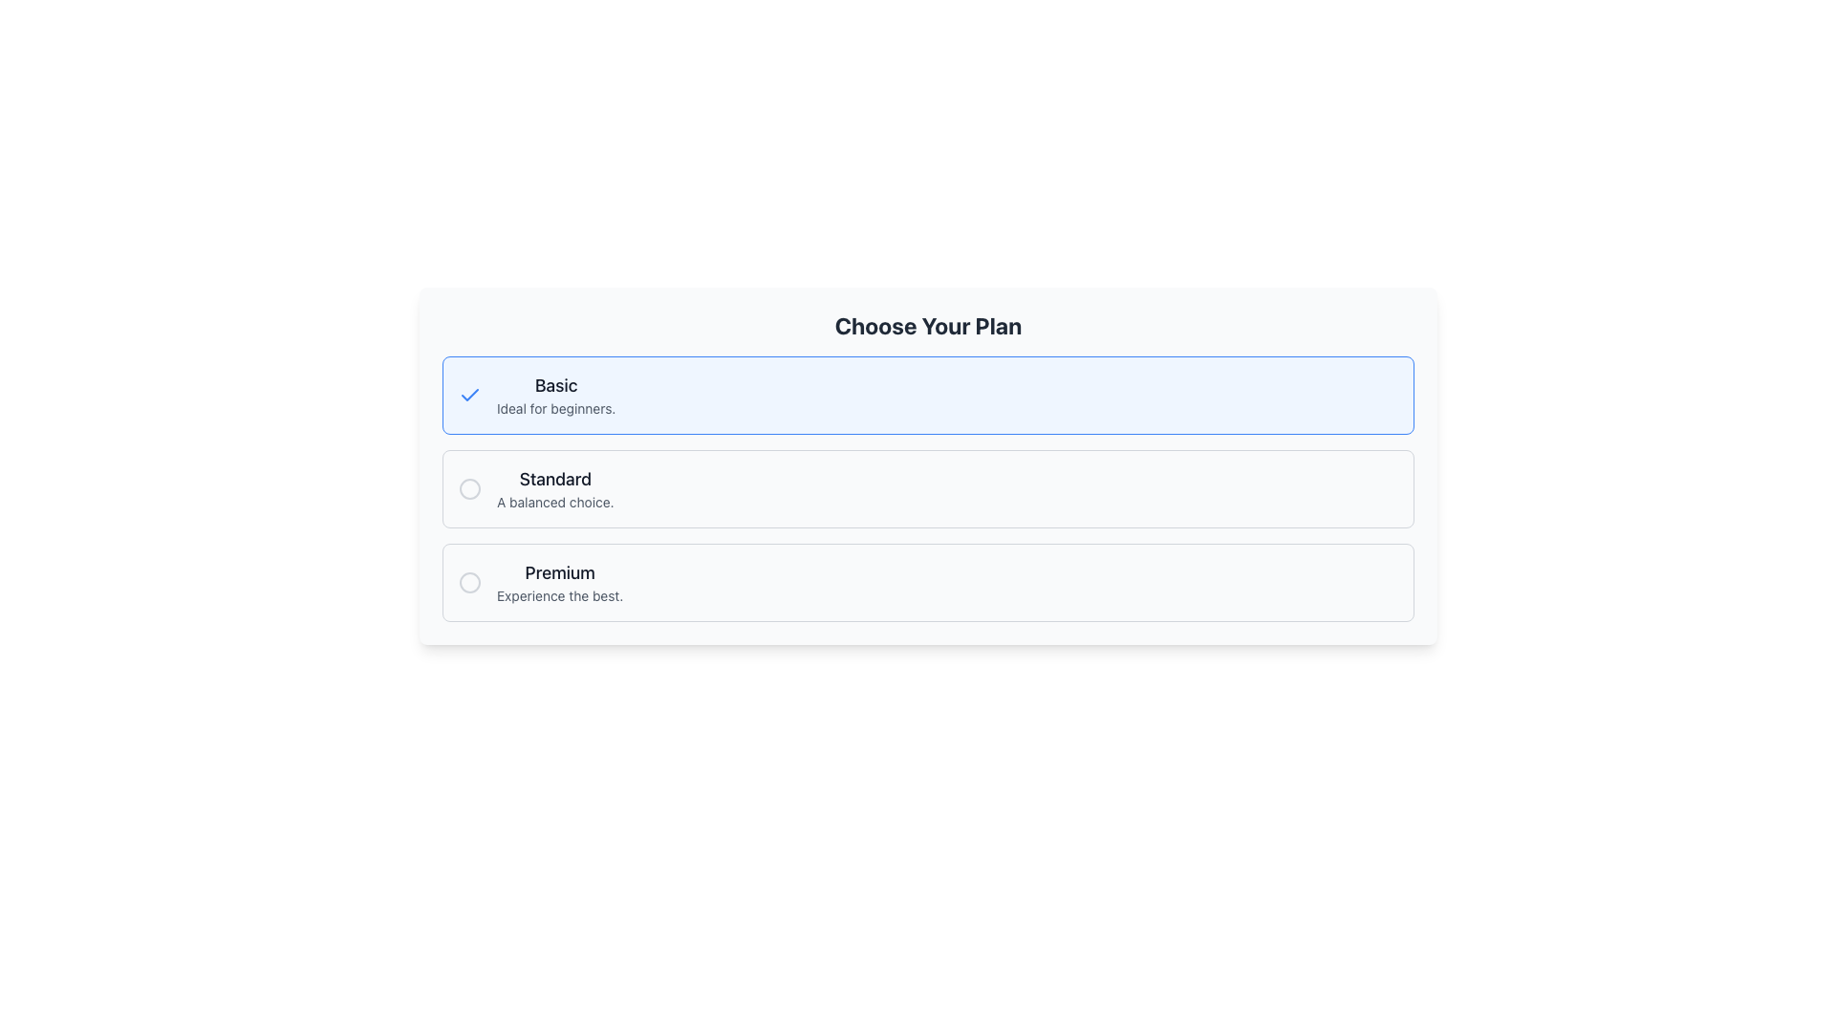  Describe the element at coordinates (469, 394) in the screenshot. I see `the checkmark icon with a blue stroke color located within the selected radio button for the 'Basic' option in the vertical list of choices` at that location.